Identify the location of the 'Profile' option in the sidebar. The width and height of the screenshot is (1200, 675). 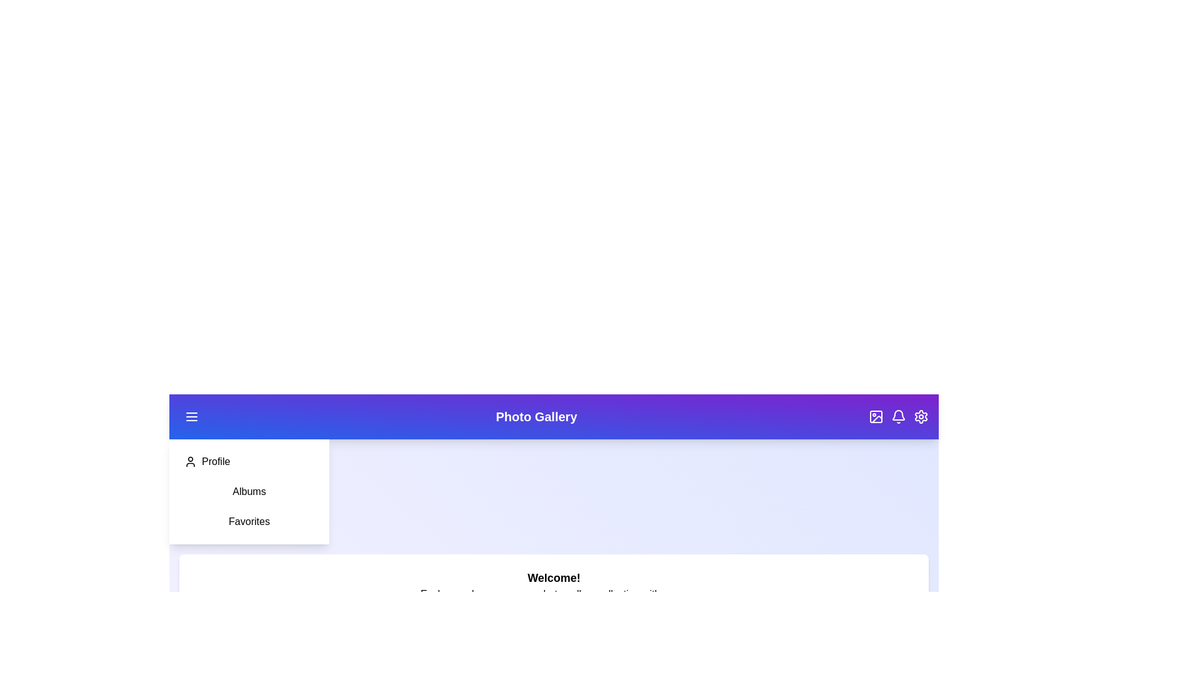
(249, 462).